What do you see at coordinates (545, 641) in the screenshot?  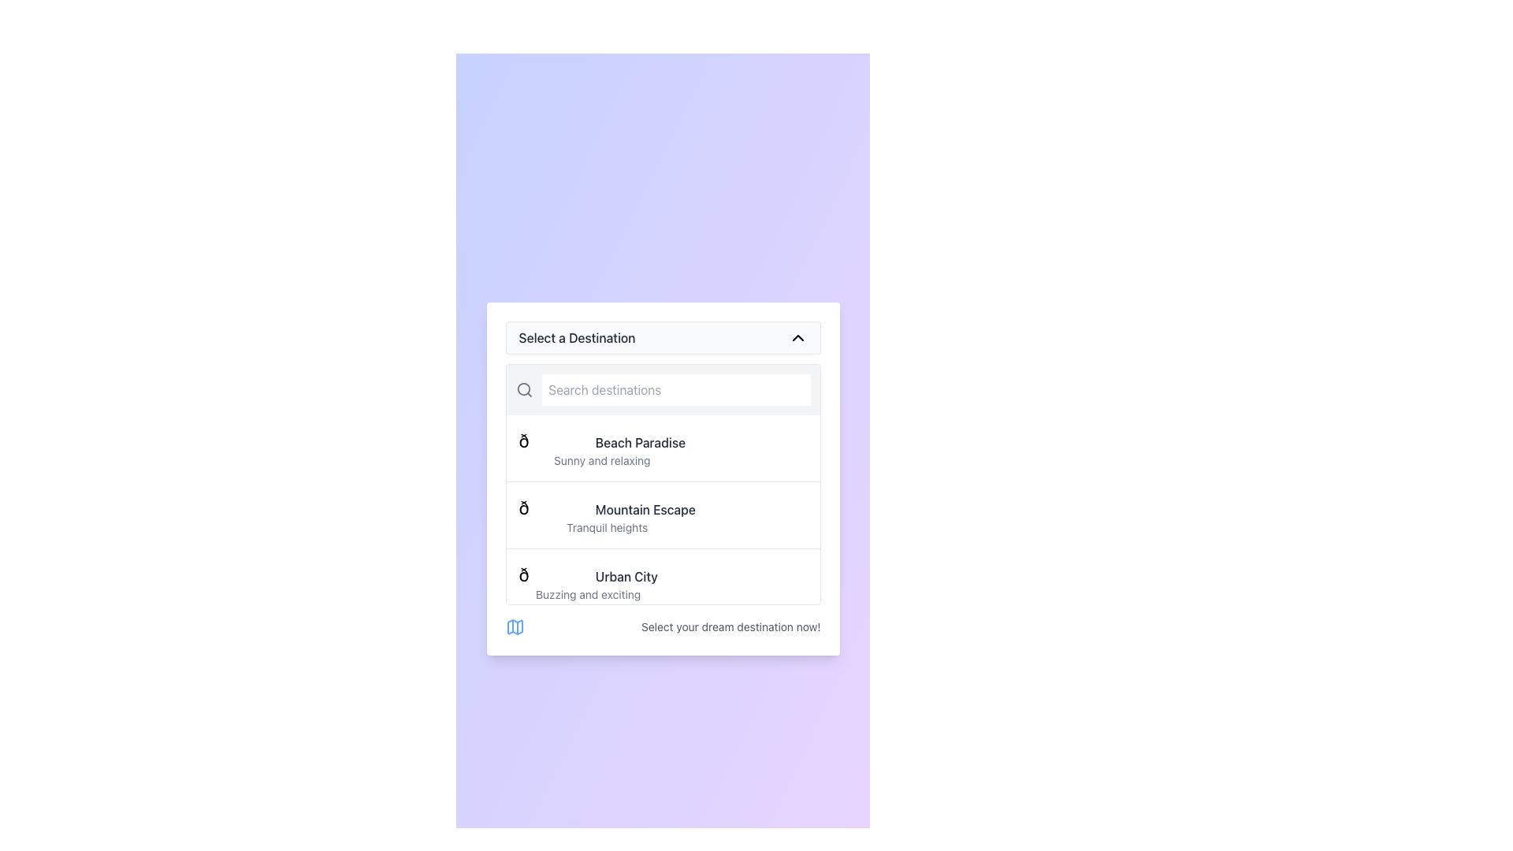 I see `the green leaf emoji icon which is positioned to the left of the text 'Forest Retreat' and 'Peaceful and green' as a visual clue` at bounding box center [545, 641].